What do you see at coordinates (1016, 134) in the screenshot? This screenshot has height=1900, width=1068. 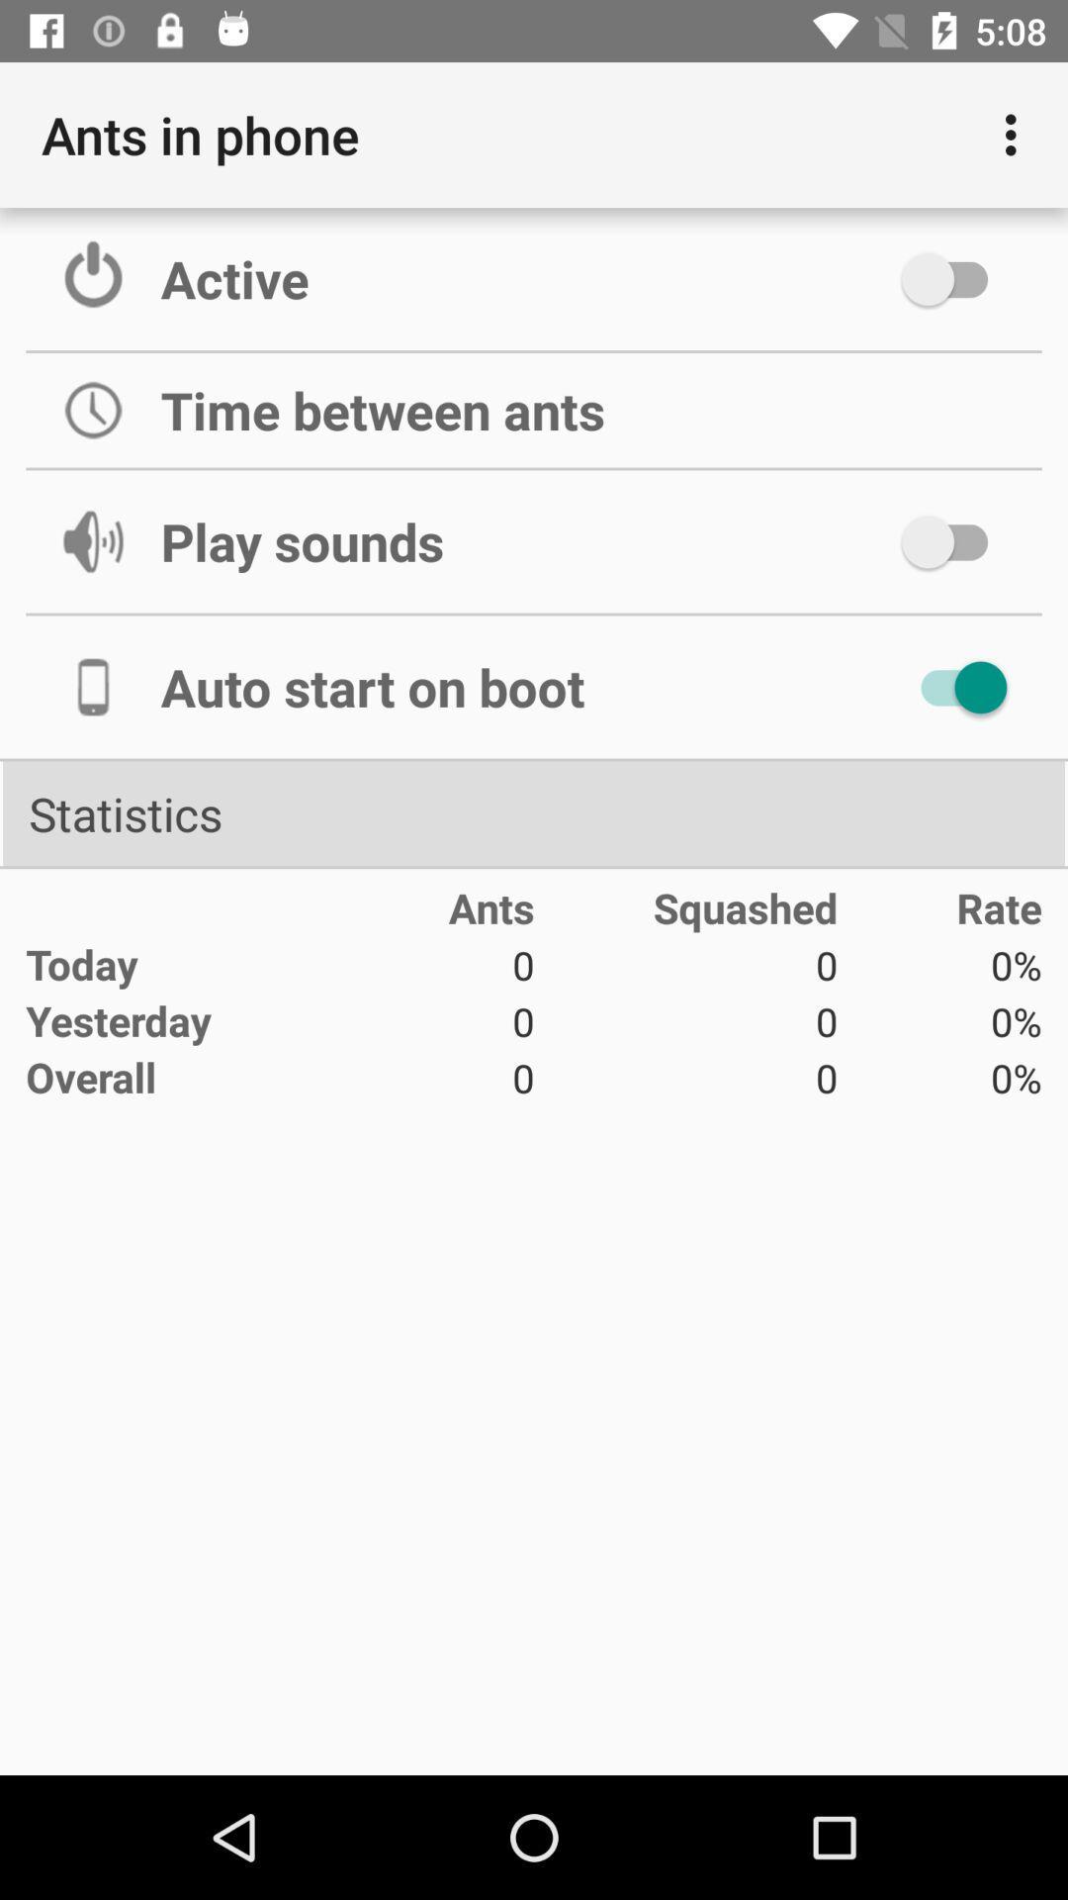 I see `app next to ants in phone item` at bounding box center [1016, 134].